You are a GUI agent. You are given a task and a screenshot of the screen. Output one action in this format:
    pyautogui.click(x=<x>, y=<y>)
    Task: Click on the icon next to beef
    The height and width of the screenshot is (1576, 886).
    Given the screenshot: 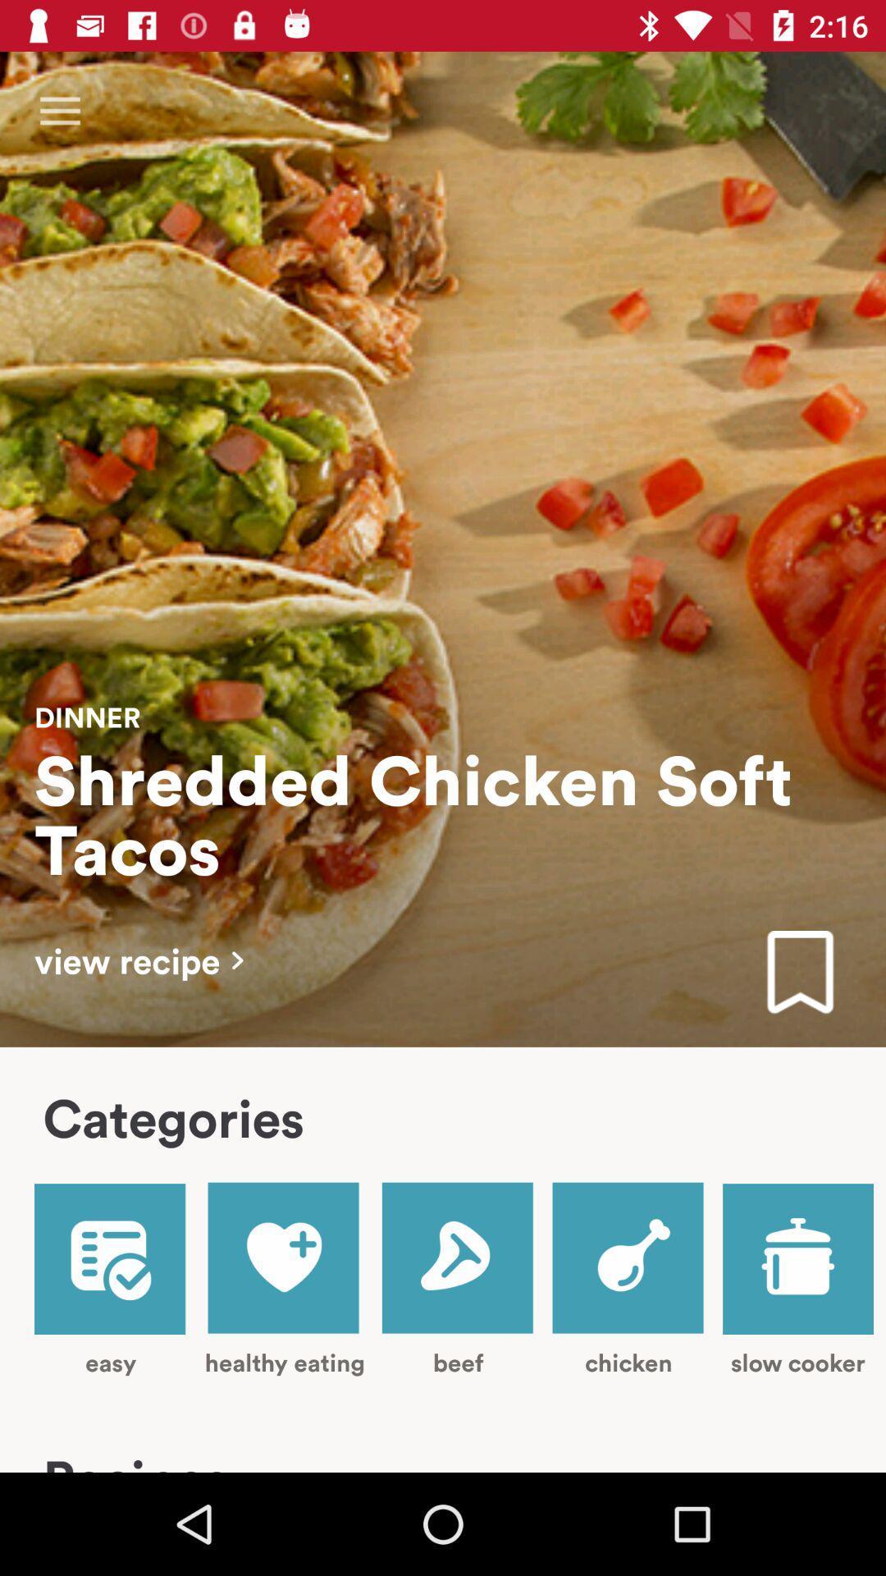 What is the action you would take?
    pyautogui.click(x=284, y=1278)
    